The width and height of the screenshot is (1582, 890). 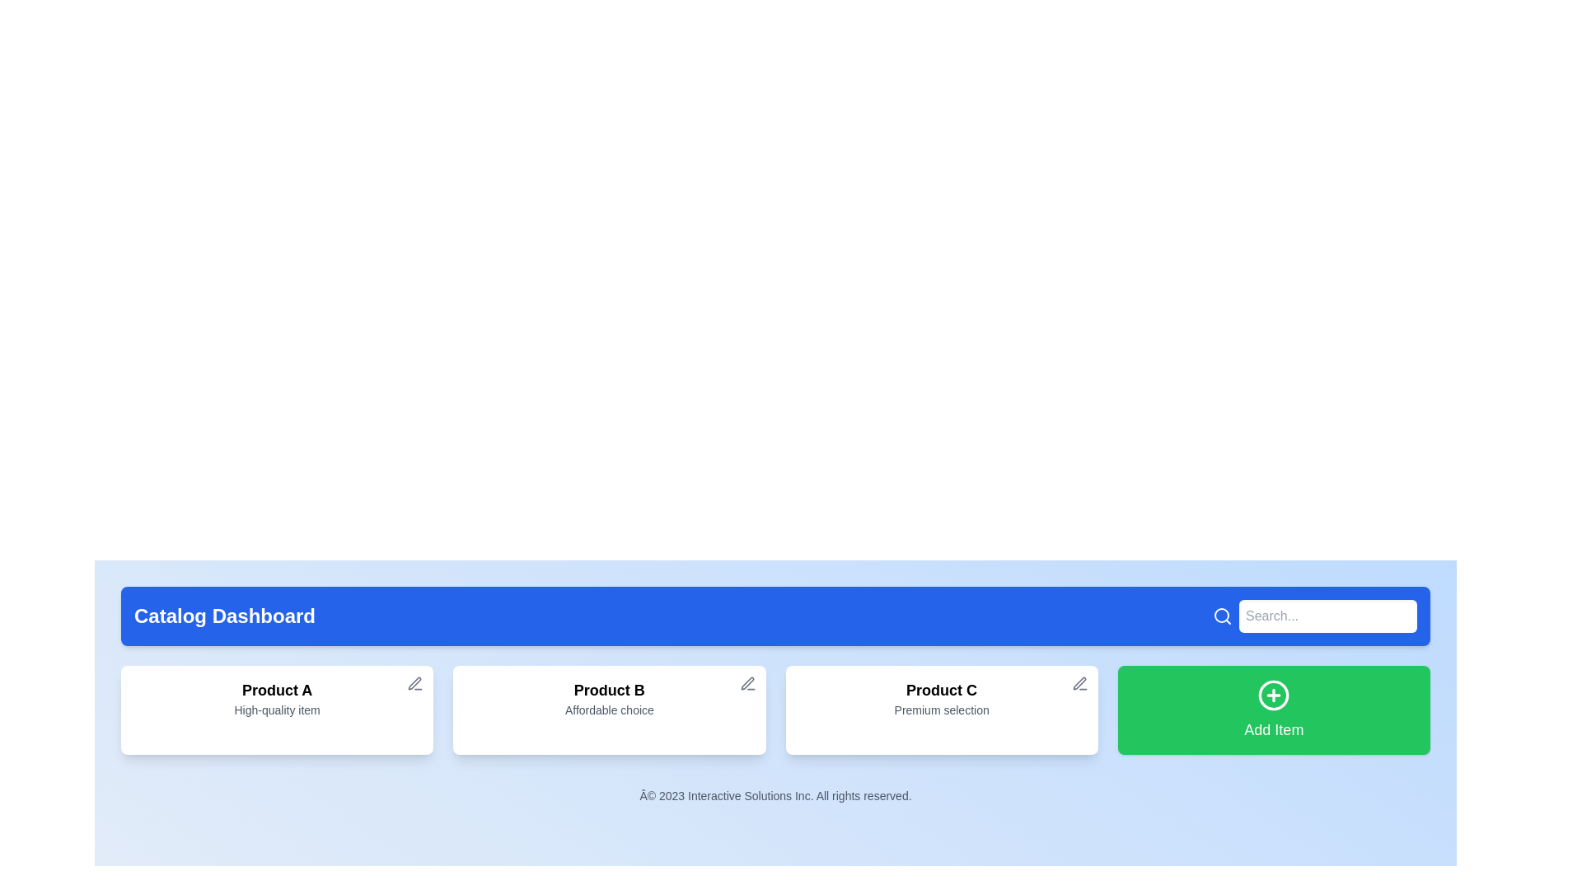 I want to click on the circular outline within the 'Add Item' button, which is part of an SVG graphic representing the button's functionality, so click(x=1273, y=696).